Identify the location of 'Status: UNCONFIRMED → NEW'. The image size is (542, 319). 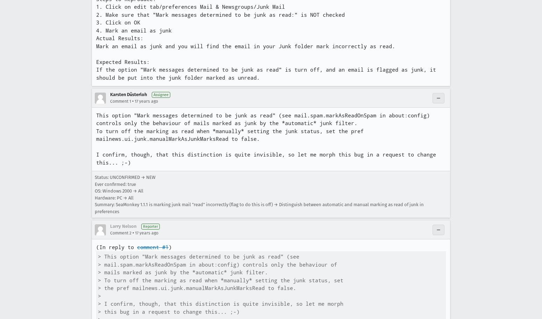
(125, 177).